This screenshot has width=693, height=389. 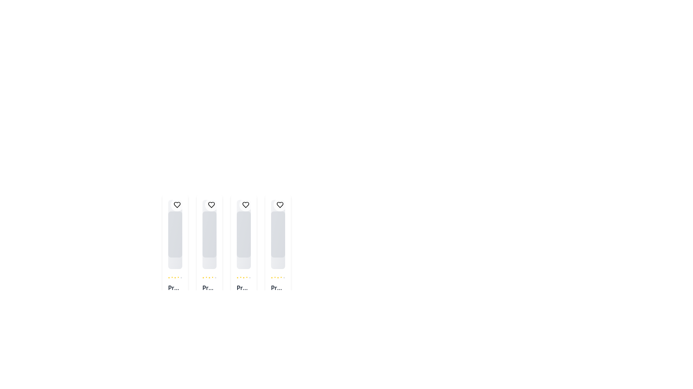 What do you see at coordinates (206, 277) in the screenshot?
I see `the visual state of the third star icon in the rating group, which indicates a rating value of three out of five stars, located at the bottom of the product card interface` at bounding box center [206, 277].